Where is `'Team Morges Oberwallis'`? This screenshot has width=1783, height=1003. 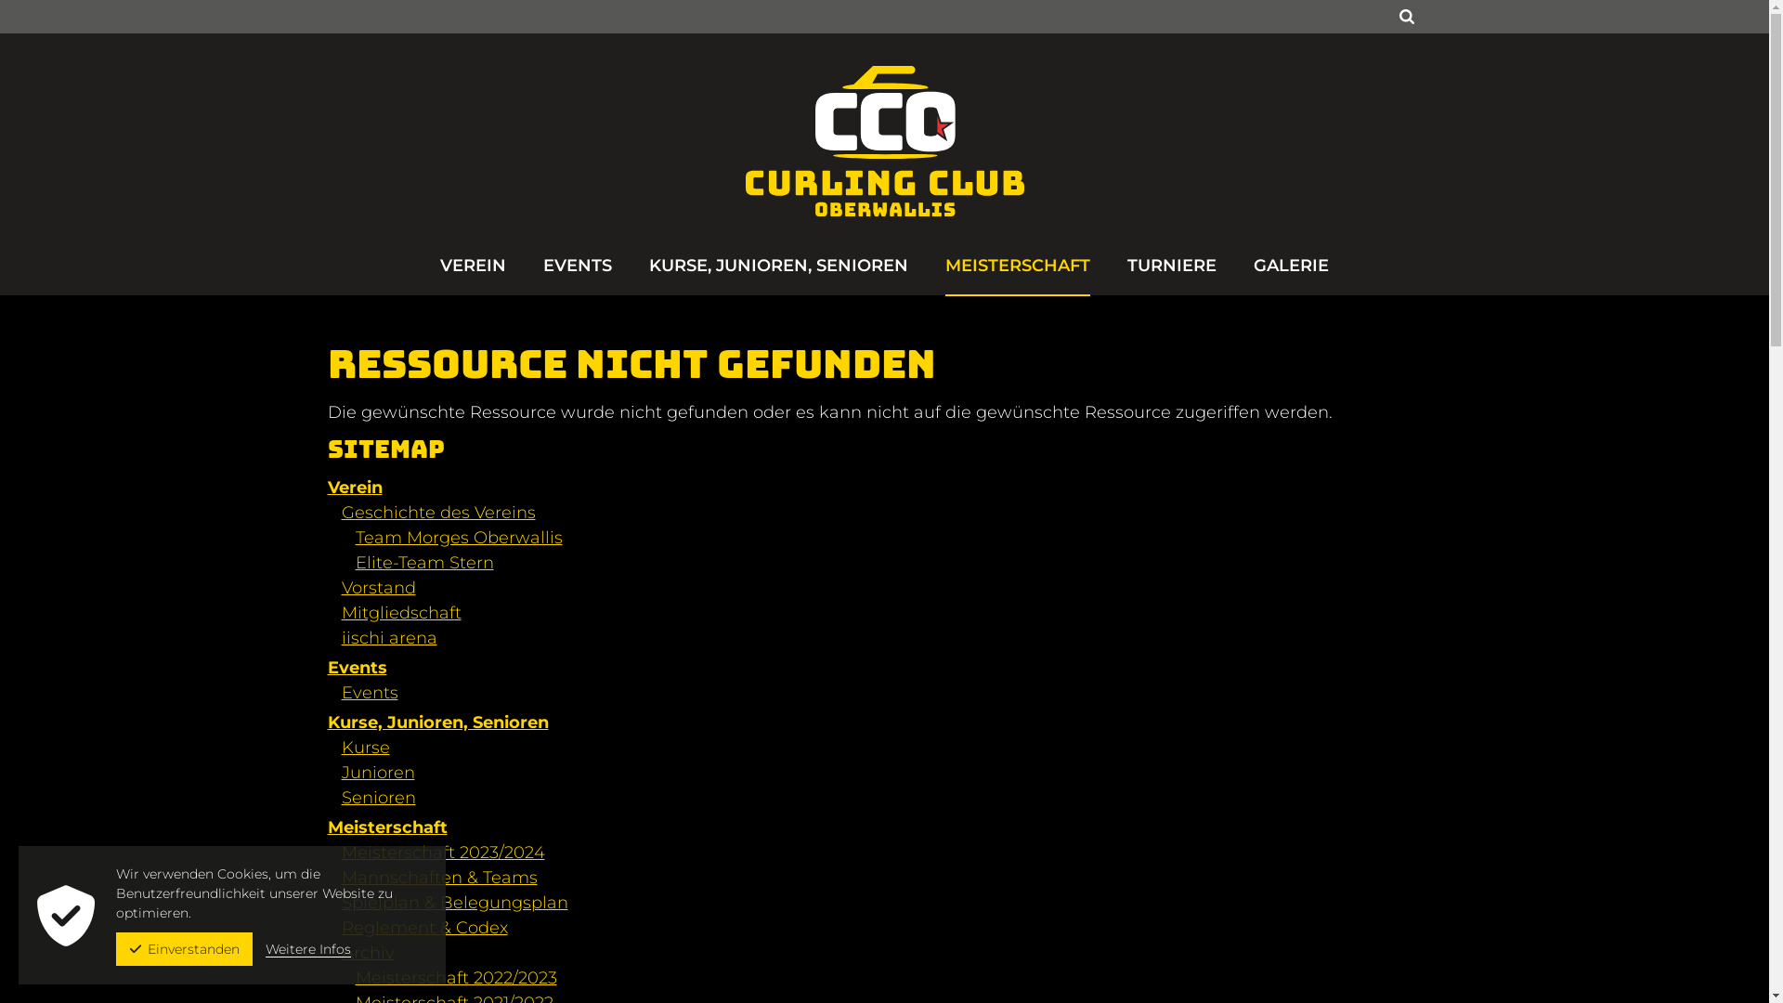 'Team Morges Oberwallis' is located at coordinates (458, 537).